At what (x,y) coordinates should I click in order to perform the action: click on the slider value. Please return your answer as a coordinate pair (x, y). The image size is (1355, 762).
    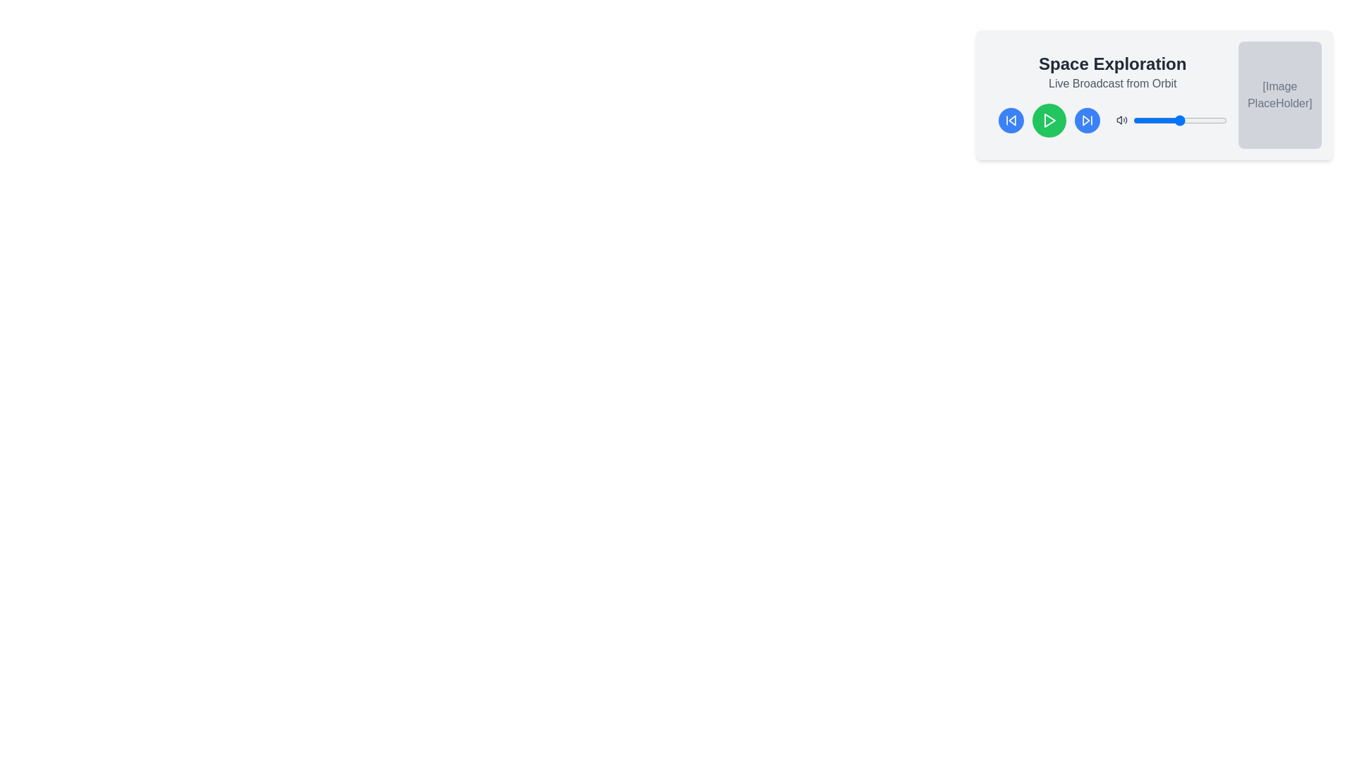
    Looking at the image, I should click on (1202, 119).